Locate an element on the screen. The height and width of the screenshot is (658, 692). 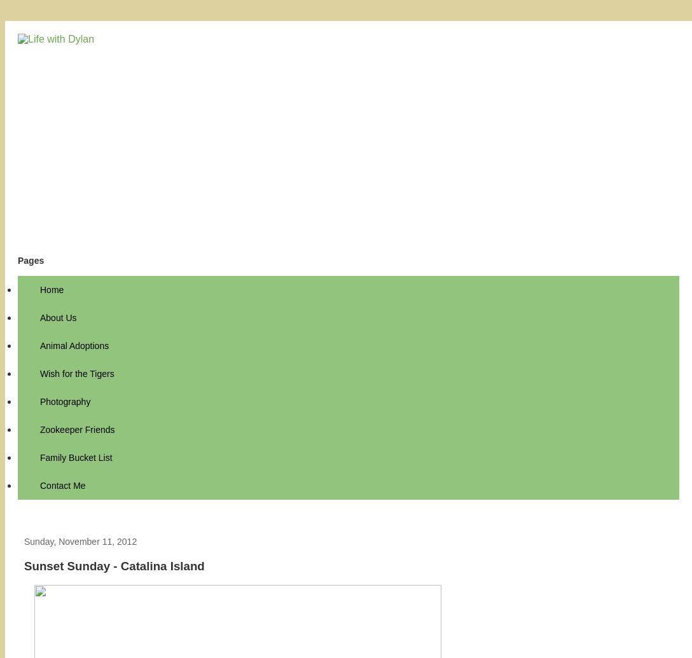
'Zookeeper Friends' is located at coordinates (77, 428).